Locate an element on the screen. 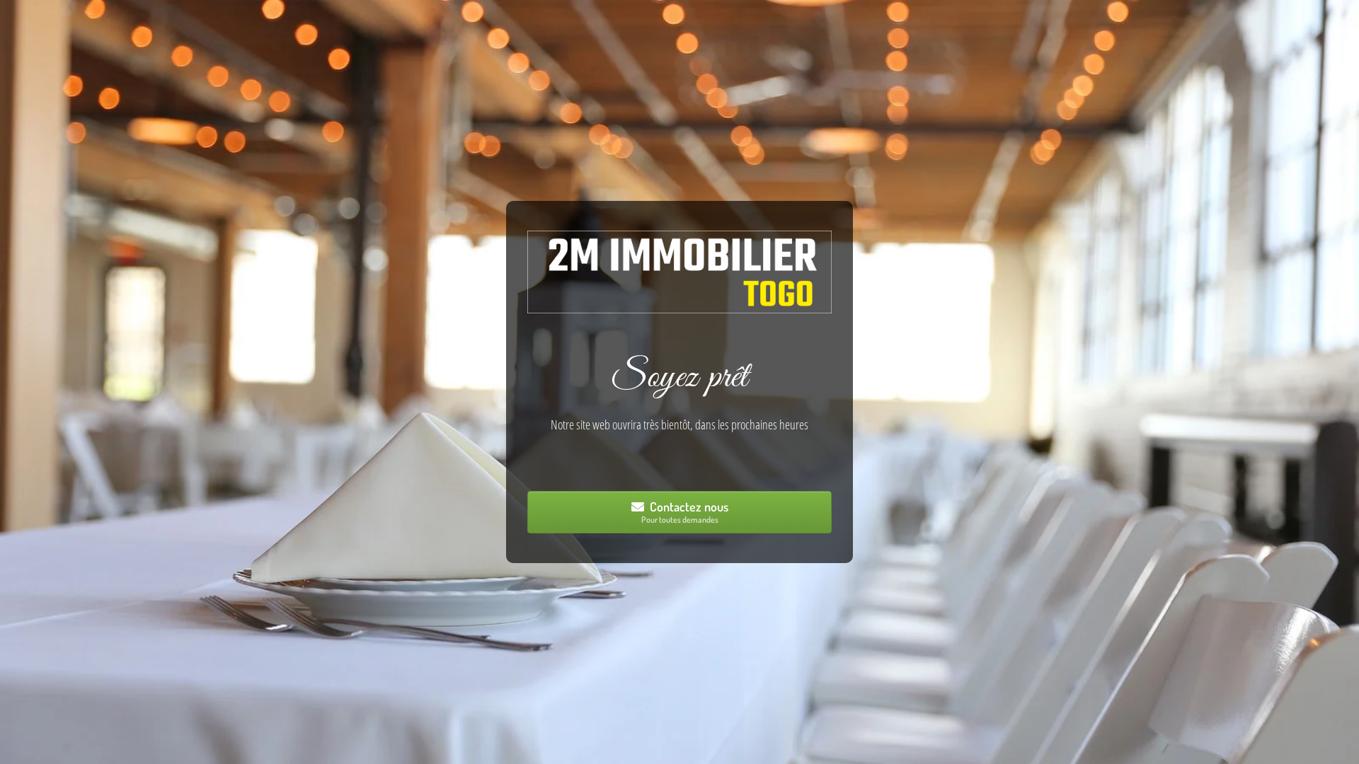 The width and height of the screenshot is (1359, 764). 'Contactez nous is located at coordinates (679, 512).